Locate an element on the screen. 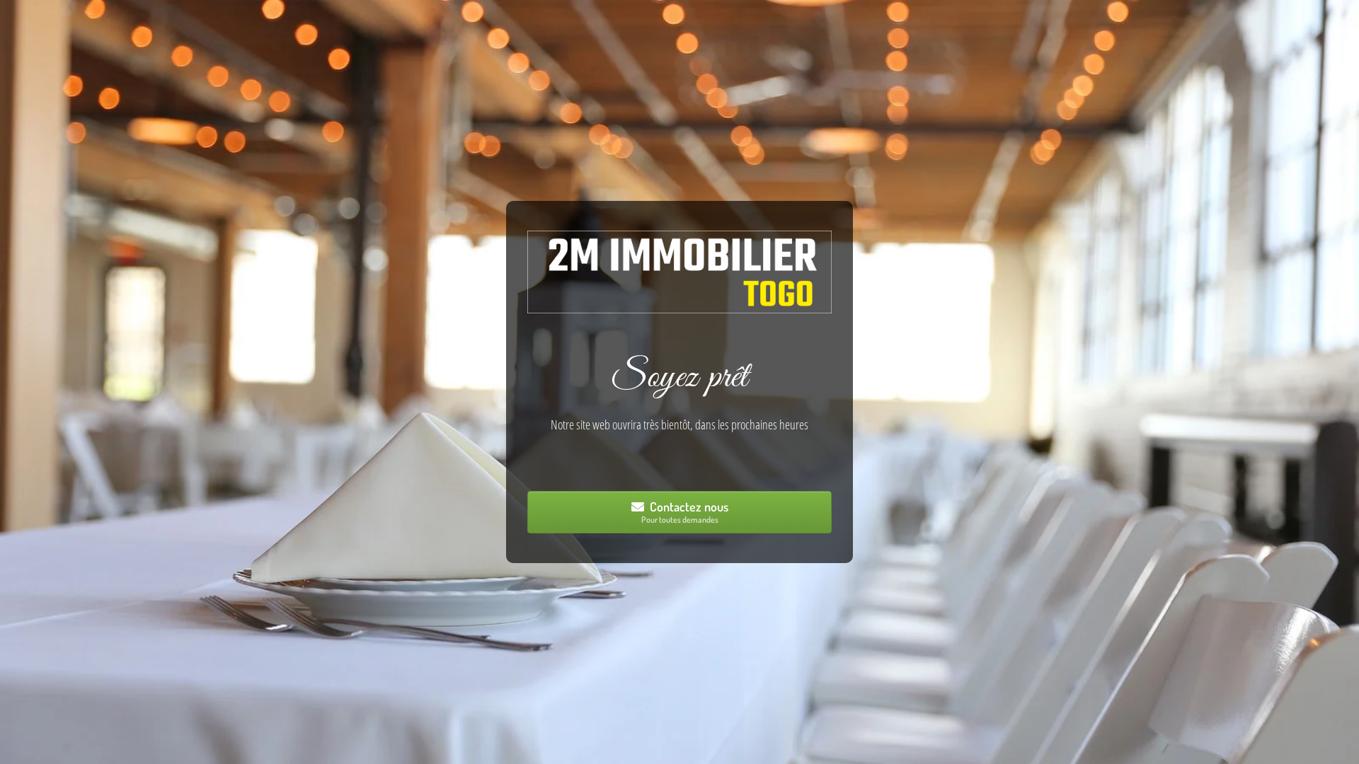 The width and height of the screenshot is (1359, 764). 'Contactez nous is located at coordinates (679, 512).